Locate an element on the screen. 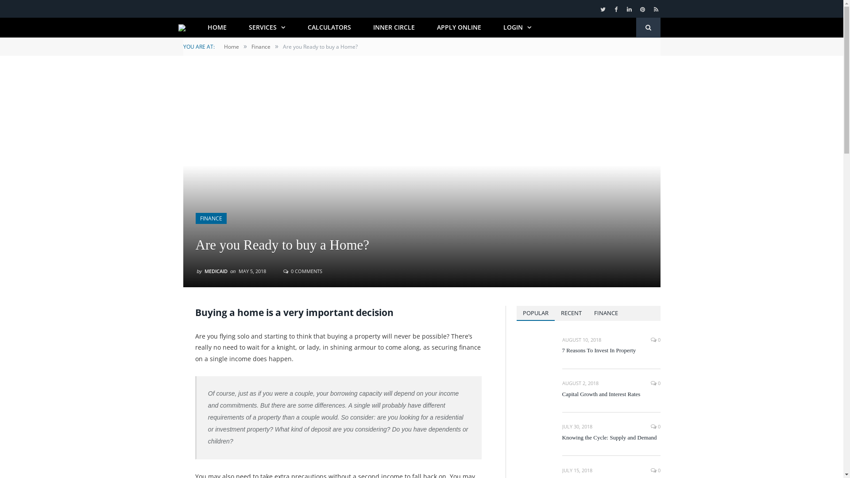 This screenshot has height=478, width=850. 'SERVICES' is located at coordinates (266, 27).